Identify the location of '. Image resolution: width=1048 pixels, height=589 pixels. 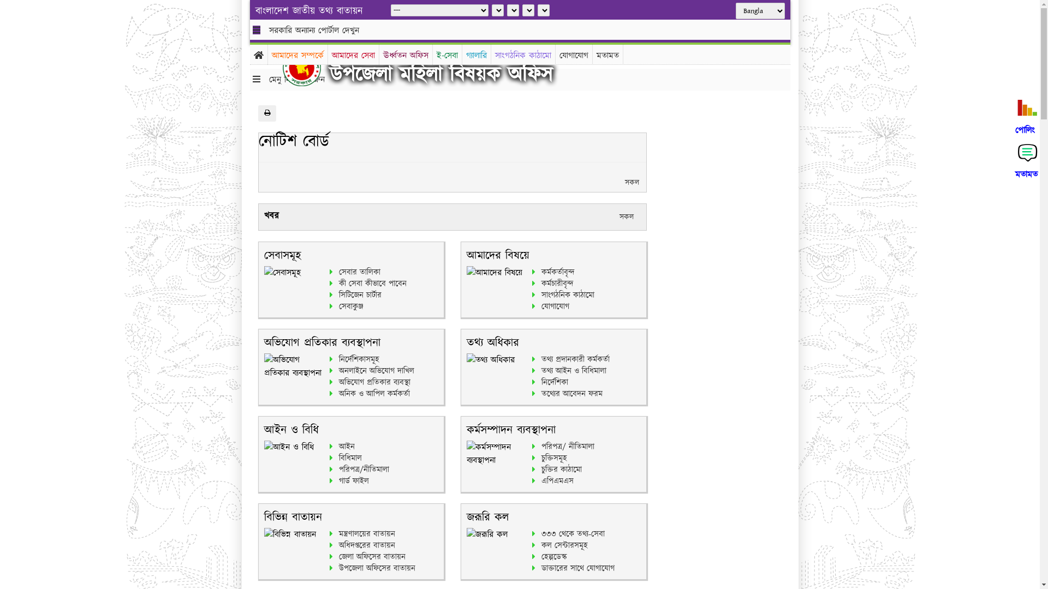
(309, 67).